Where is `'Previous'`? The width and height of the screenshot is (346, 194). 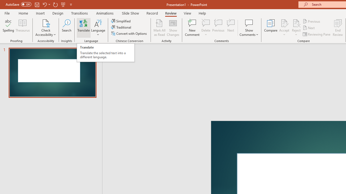 'Previous' is located at coordinates (312, 21).